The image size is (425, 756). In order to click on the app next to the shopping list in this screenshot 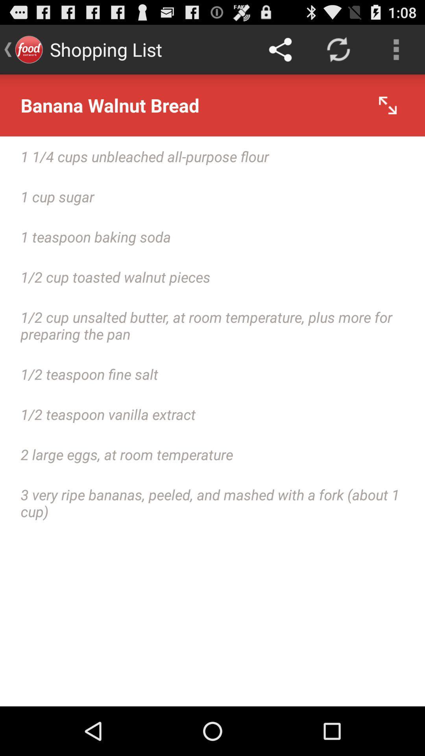, I will do `click(280, 49)`.